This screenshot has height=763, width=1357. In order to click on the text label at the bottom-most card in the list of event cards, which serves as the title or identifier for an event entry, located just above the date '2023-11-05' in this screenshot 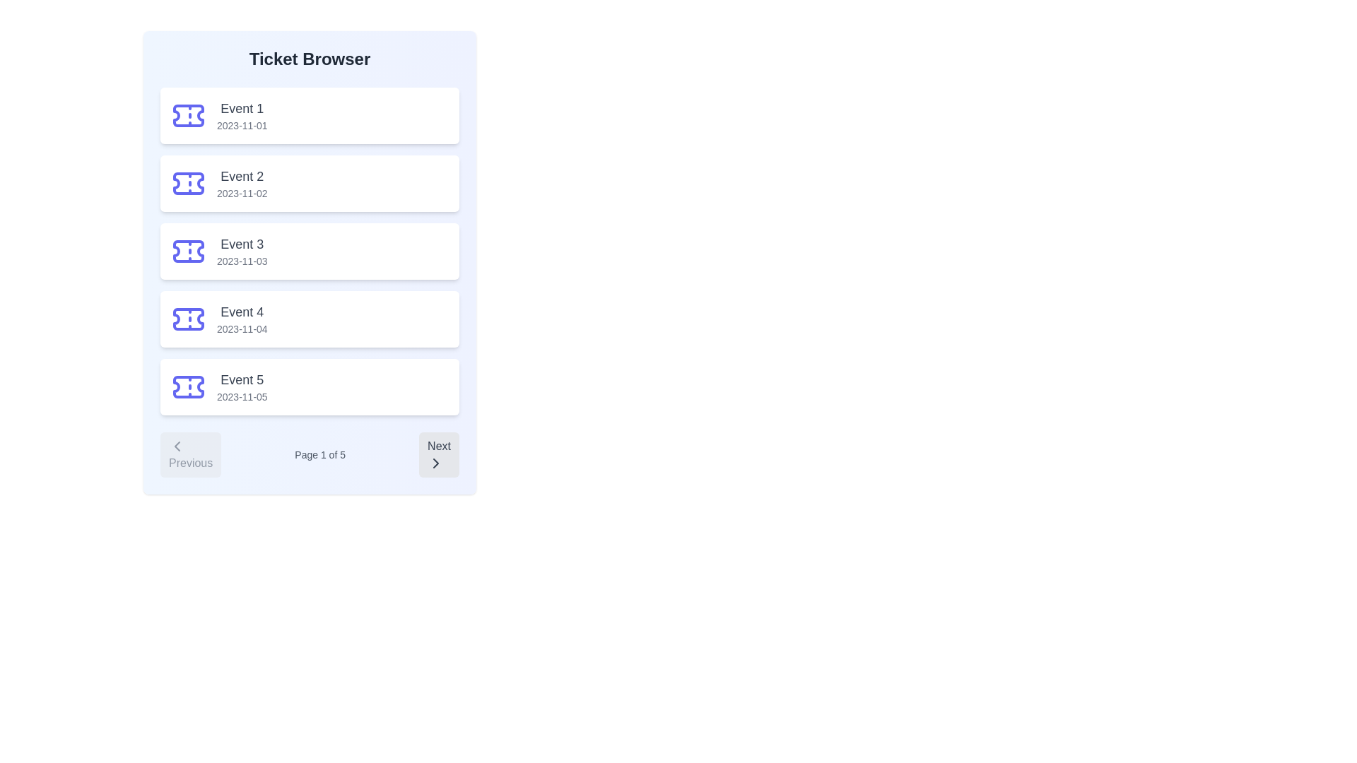, I will do `click(242, 379)`.